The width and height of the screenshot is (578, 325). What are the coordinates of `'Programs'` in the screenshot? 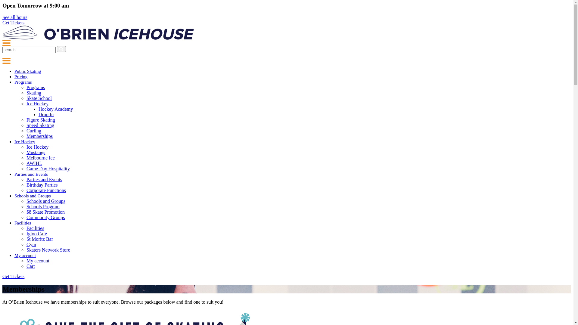 It's located at (23, 82).